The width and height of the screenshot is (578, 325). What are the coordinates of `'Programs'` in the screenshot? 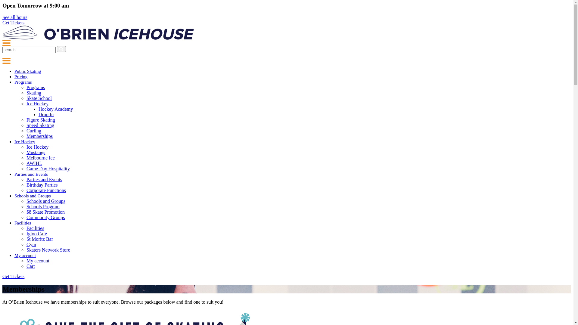 It's located at (23, 82).